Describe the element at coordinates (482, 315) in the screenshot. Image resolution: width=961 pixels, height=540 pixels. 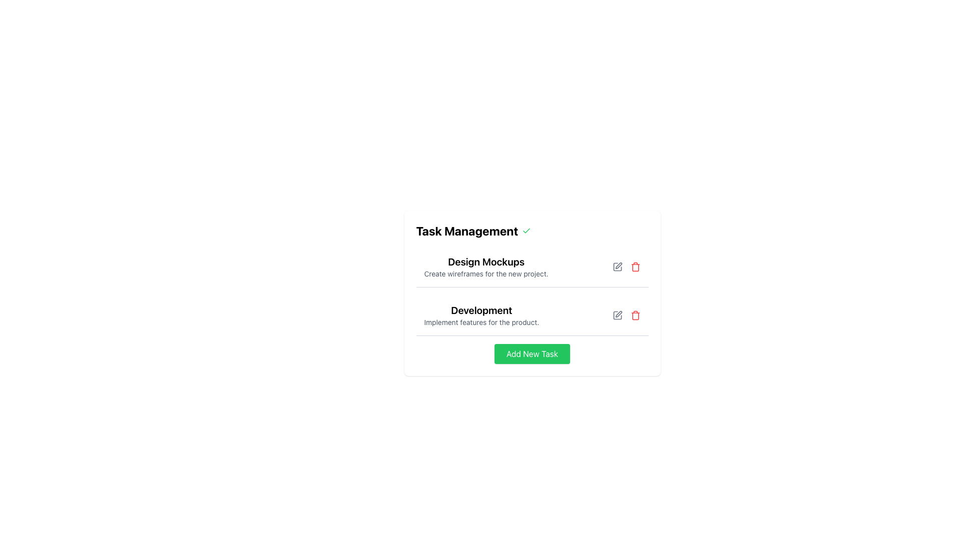
I see `the text block displaying the task titled 'Development', which provides a read-only description for task management` at that location.